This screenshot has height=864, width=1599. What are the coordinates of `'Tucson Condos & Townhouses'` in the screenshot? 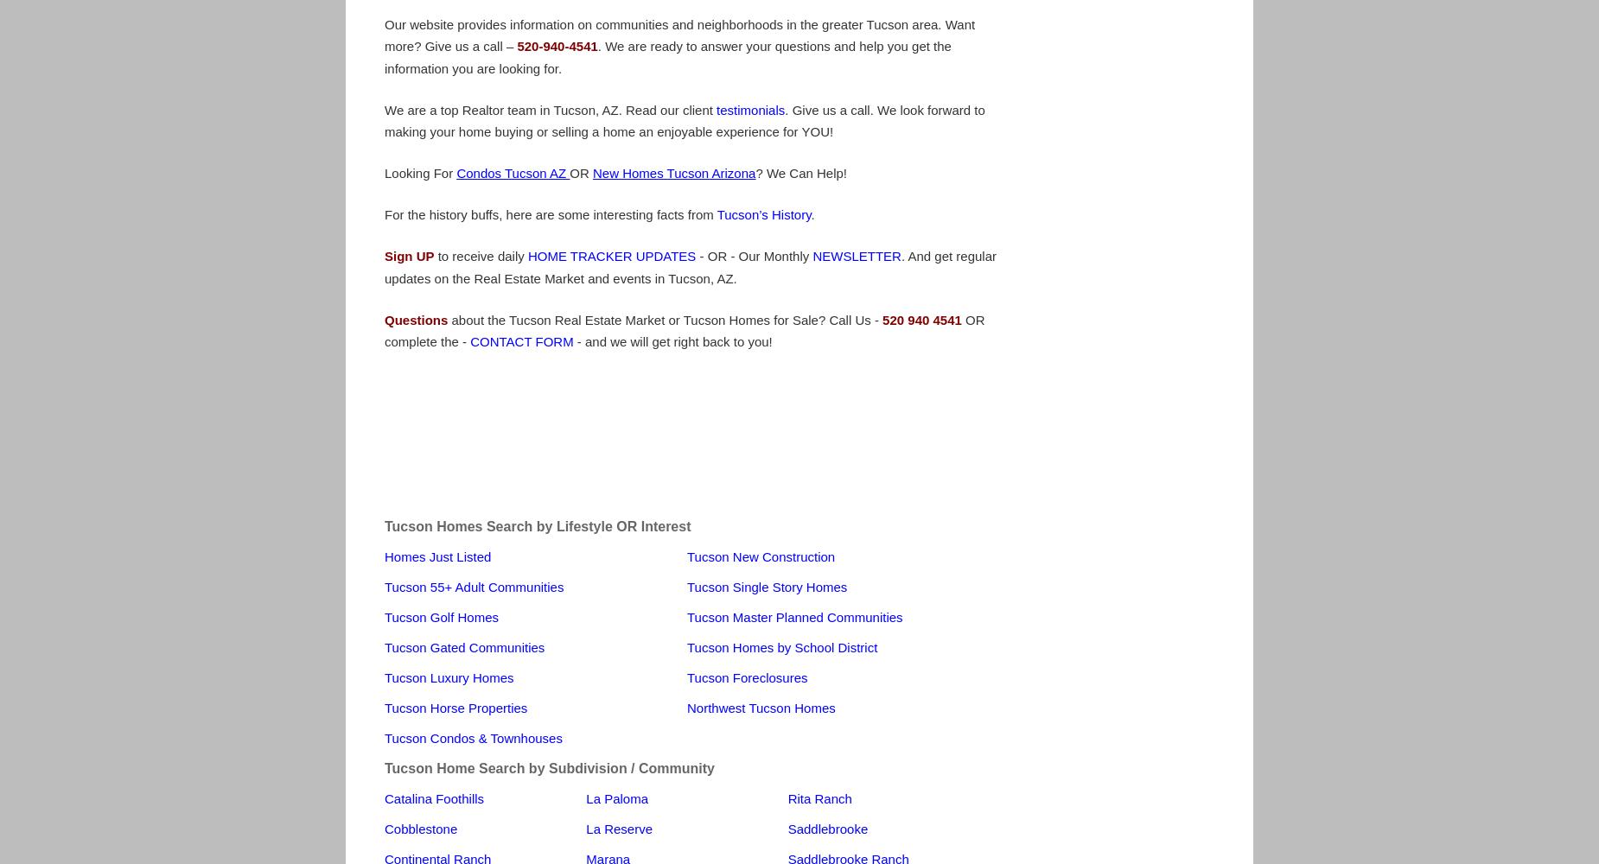 It's located at (473, 736).